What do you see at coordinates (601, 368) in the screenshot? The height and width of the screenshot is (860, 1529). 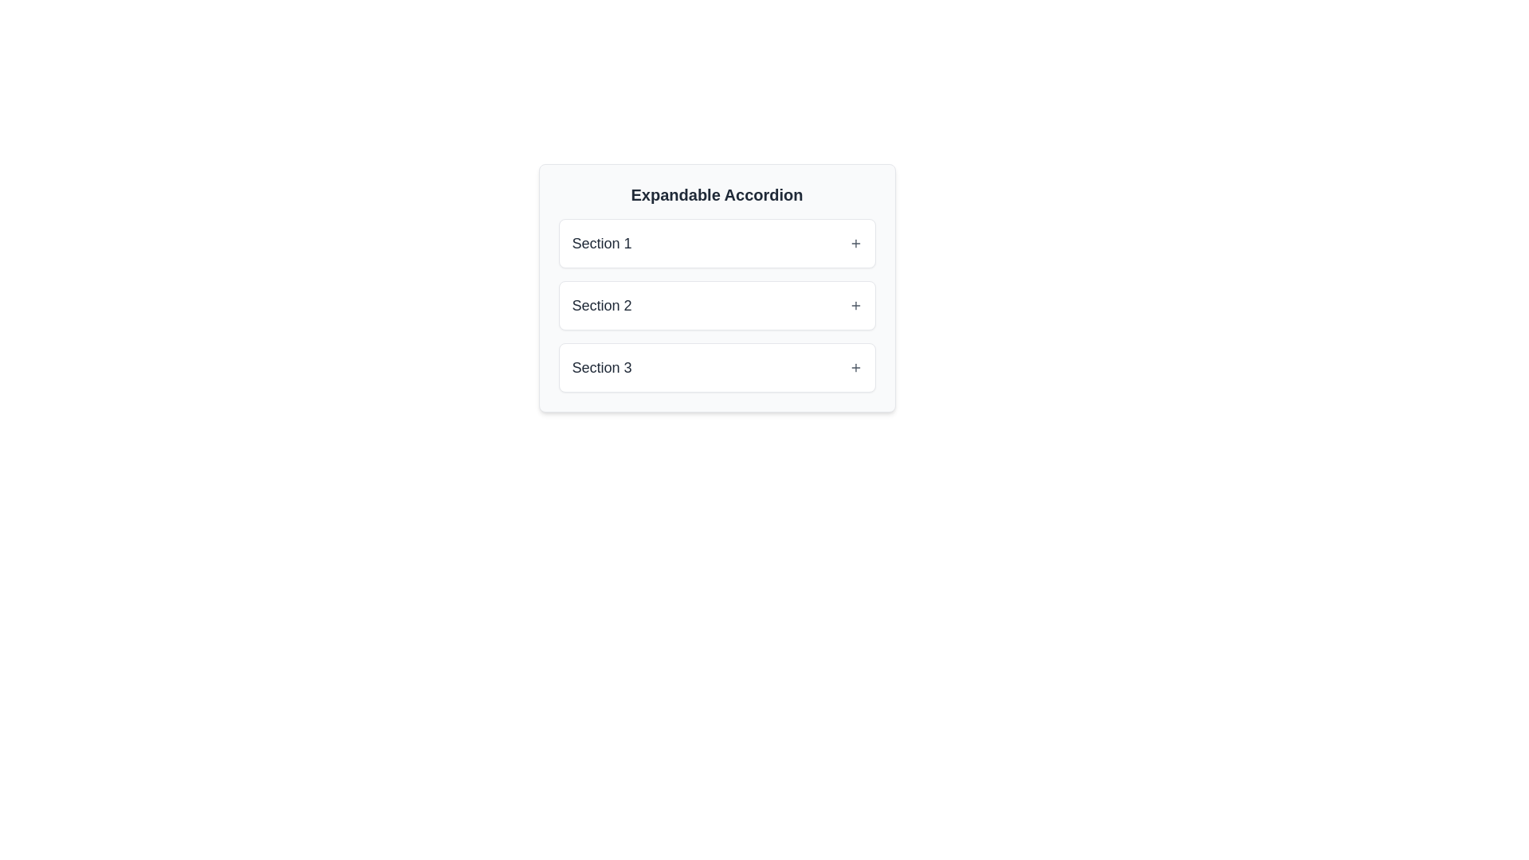 I see `the text label displaying 'Section 3' located in the bottom row of the accordion` at bounding box center [601, 368].